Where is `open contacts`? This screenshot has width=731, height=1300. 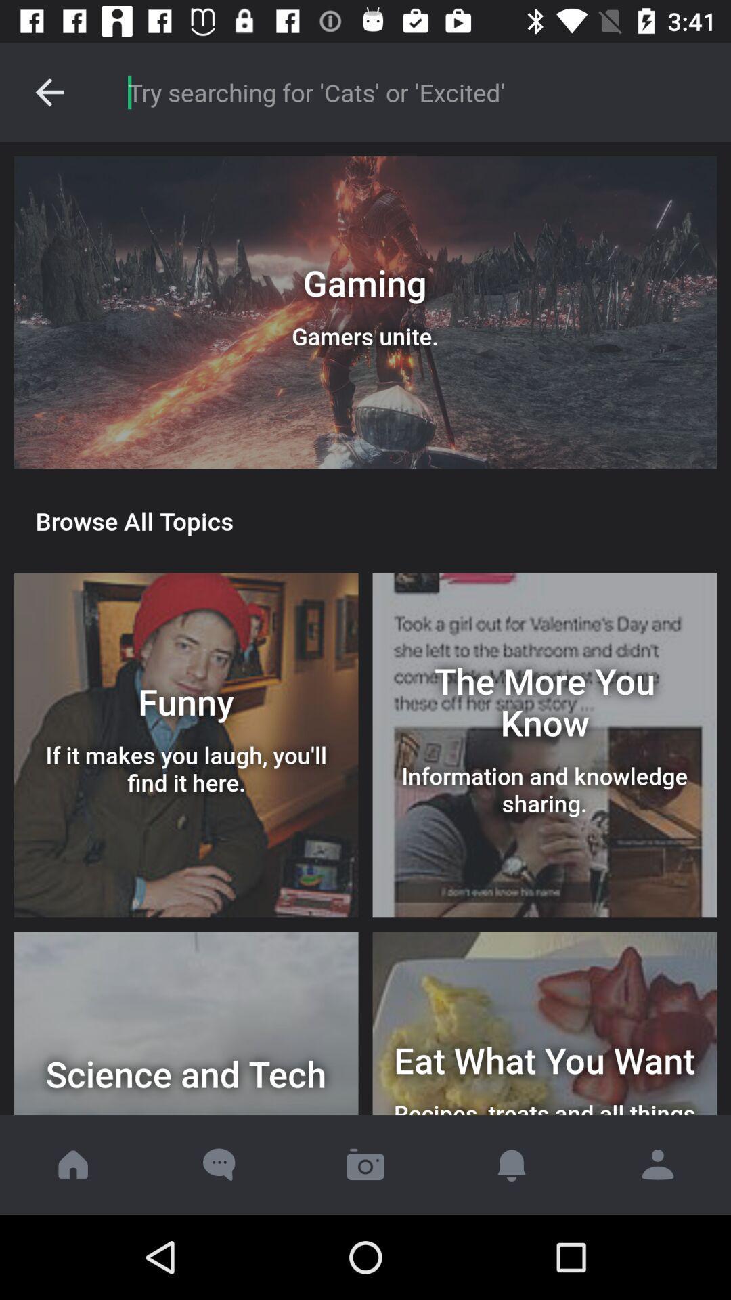 open contacts is located at coordinates (657, 1164).